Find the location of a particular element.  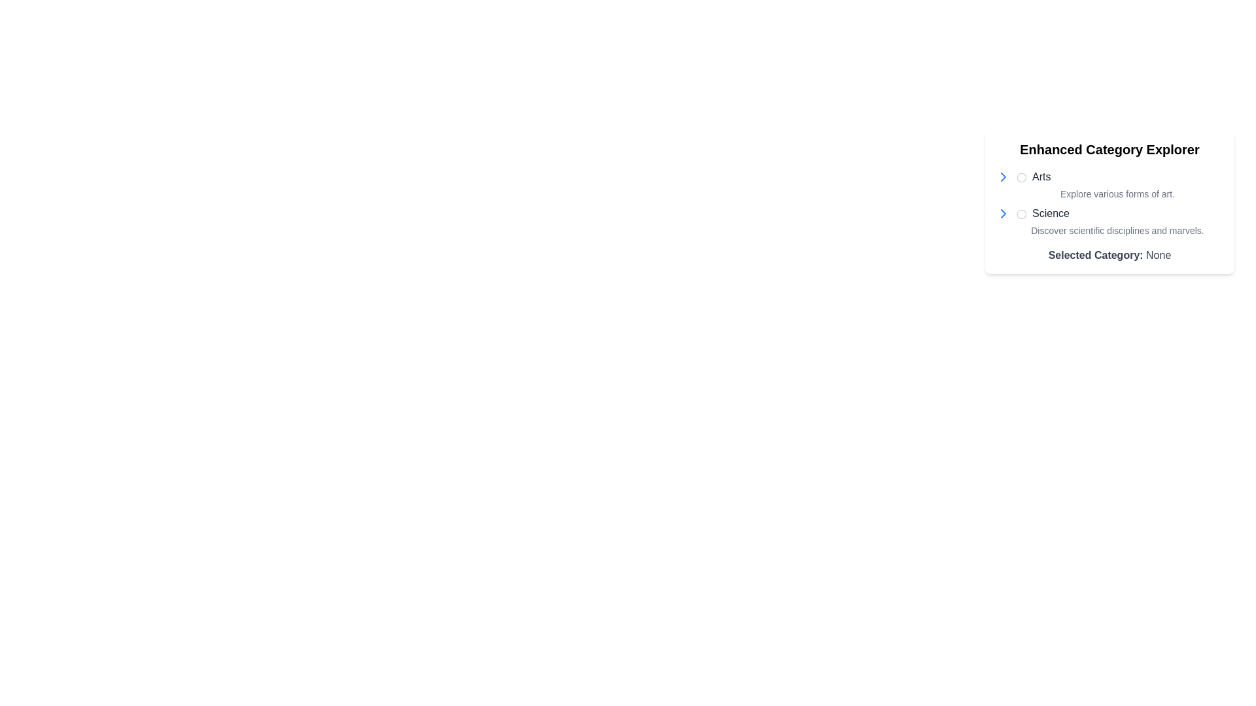

the static text label displaying 'Selected Category: None', located at the bottom of the information card titled 'Enhanced Category Explorer' is located at coordinates (1109, 255).